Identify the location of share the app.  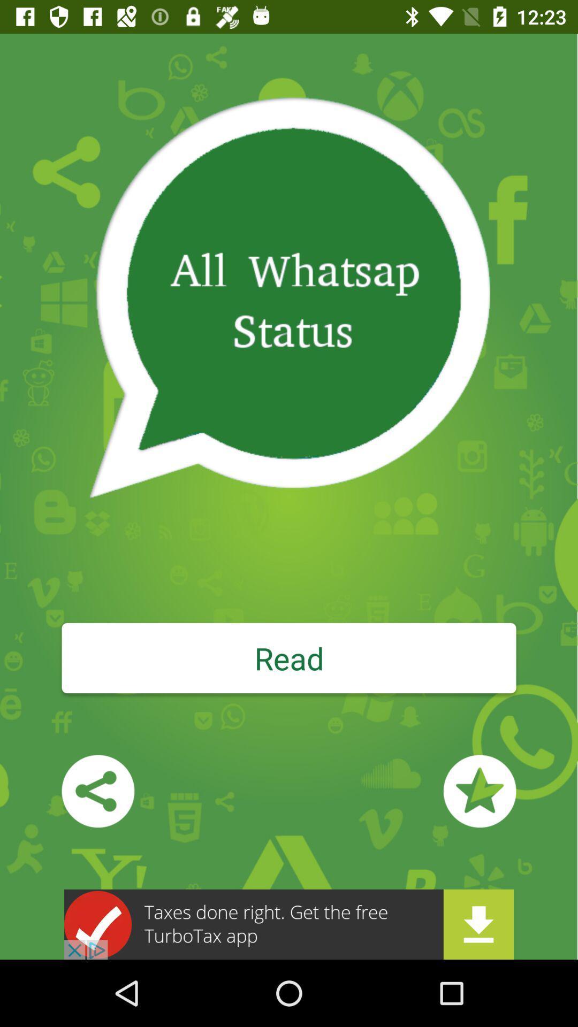
(98, 791).